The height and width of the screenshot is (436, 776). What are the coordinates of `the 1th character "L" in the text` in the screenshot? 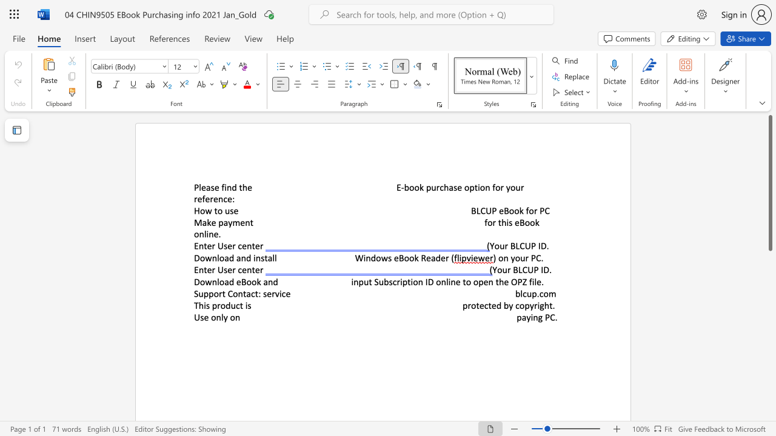 It's located at (517, 245).